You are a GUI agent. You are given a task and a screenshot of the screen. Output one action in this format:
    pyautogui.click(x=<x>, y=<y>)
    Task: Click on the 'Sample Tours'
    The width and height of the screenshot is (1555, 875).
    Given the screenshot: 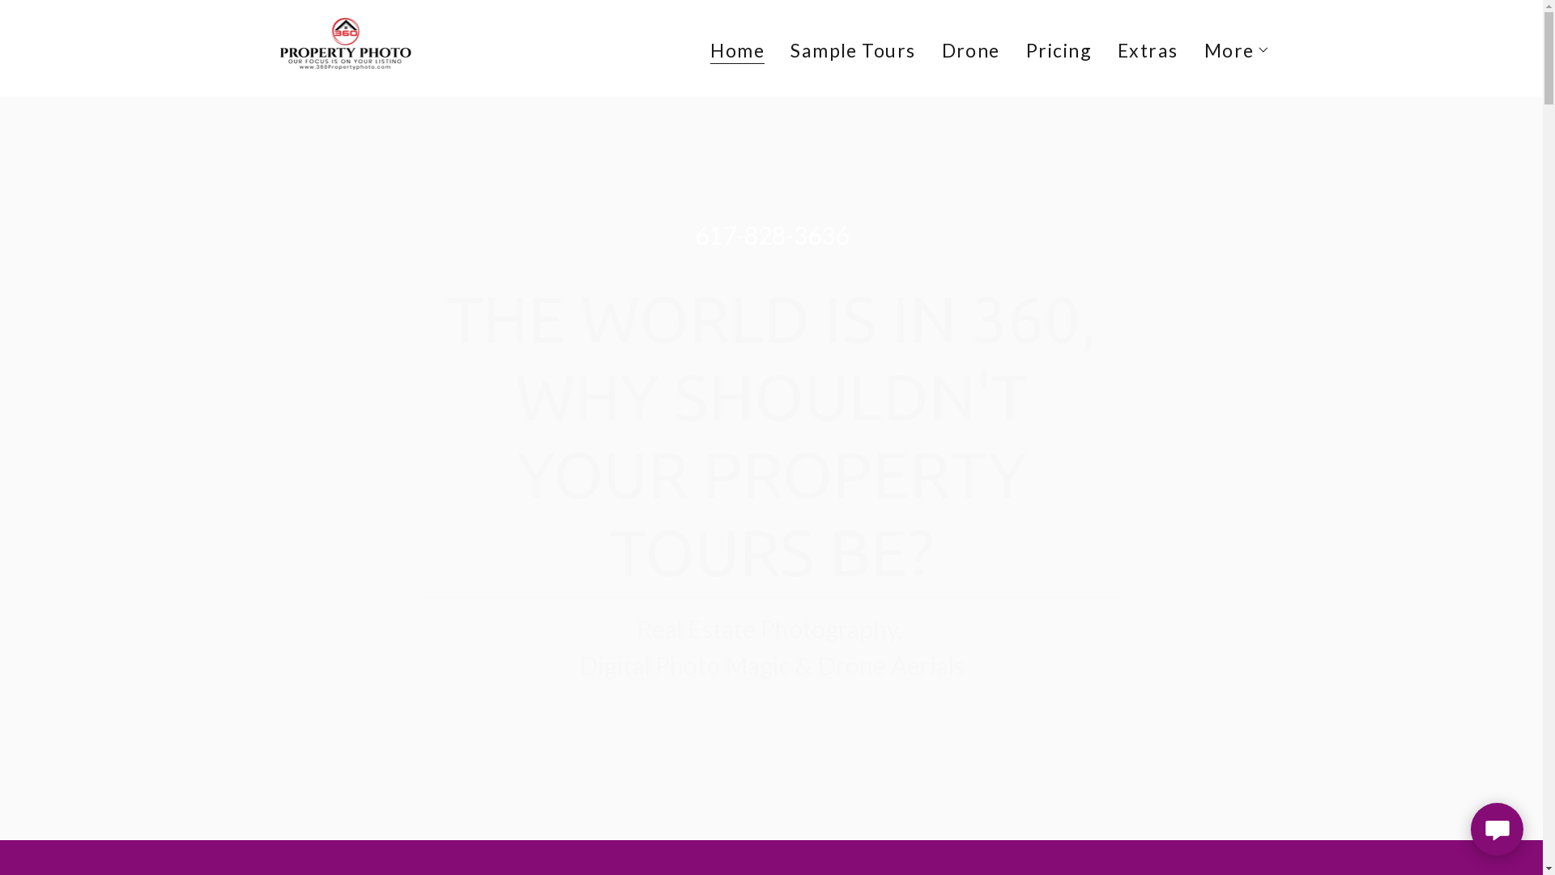 What is the action you would take?
    pyautogui.click(x=851, y=49)
    